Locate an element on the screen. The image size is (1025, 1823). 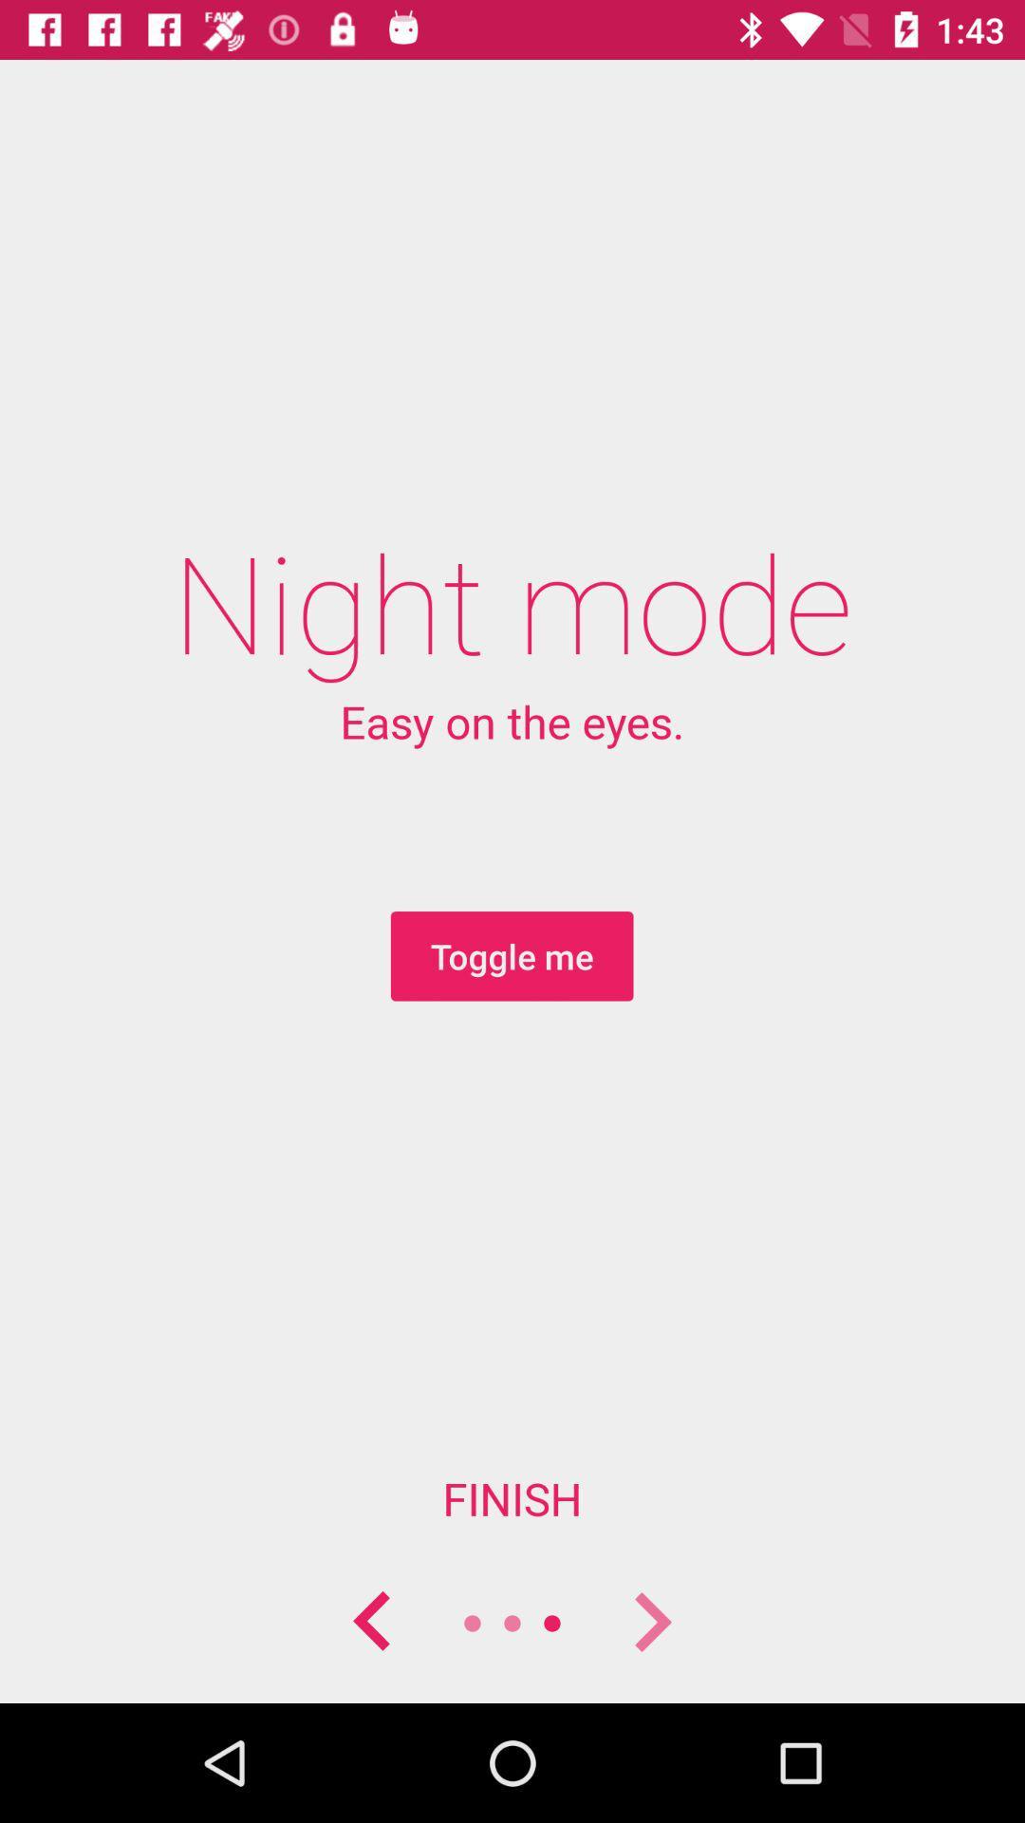
the item below finish item is located at coordinates (373, 1622).